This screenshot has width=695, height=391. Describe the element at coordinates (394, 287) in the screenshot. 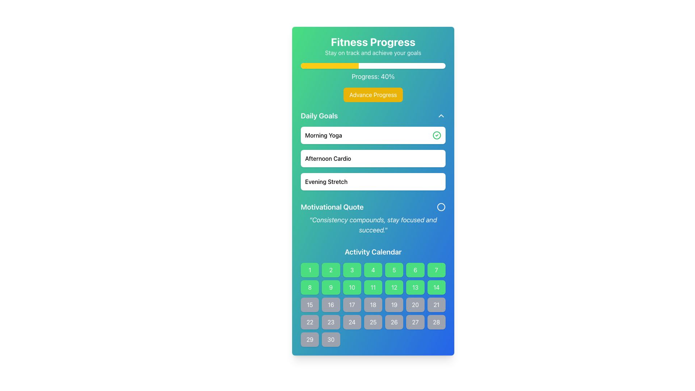

I see `the button labeled '12' in the 'Activity Calendar'` at that location.